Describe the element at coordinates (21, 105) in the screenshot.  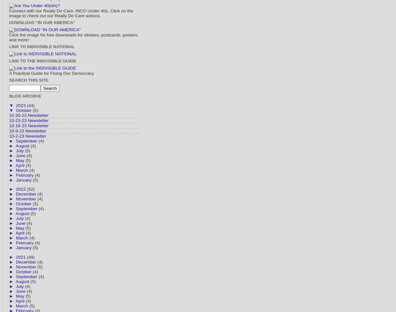
I see `'2023'` at that location.